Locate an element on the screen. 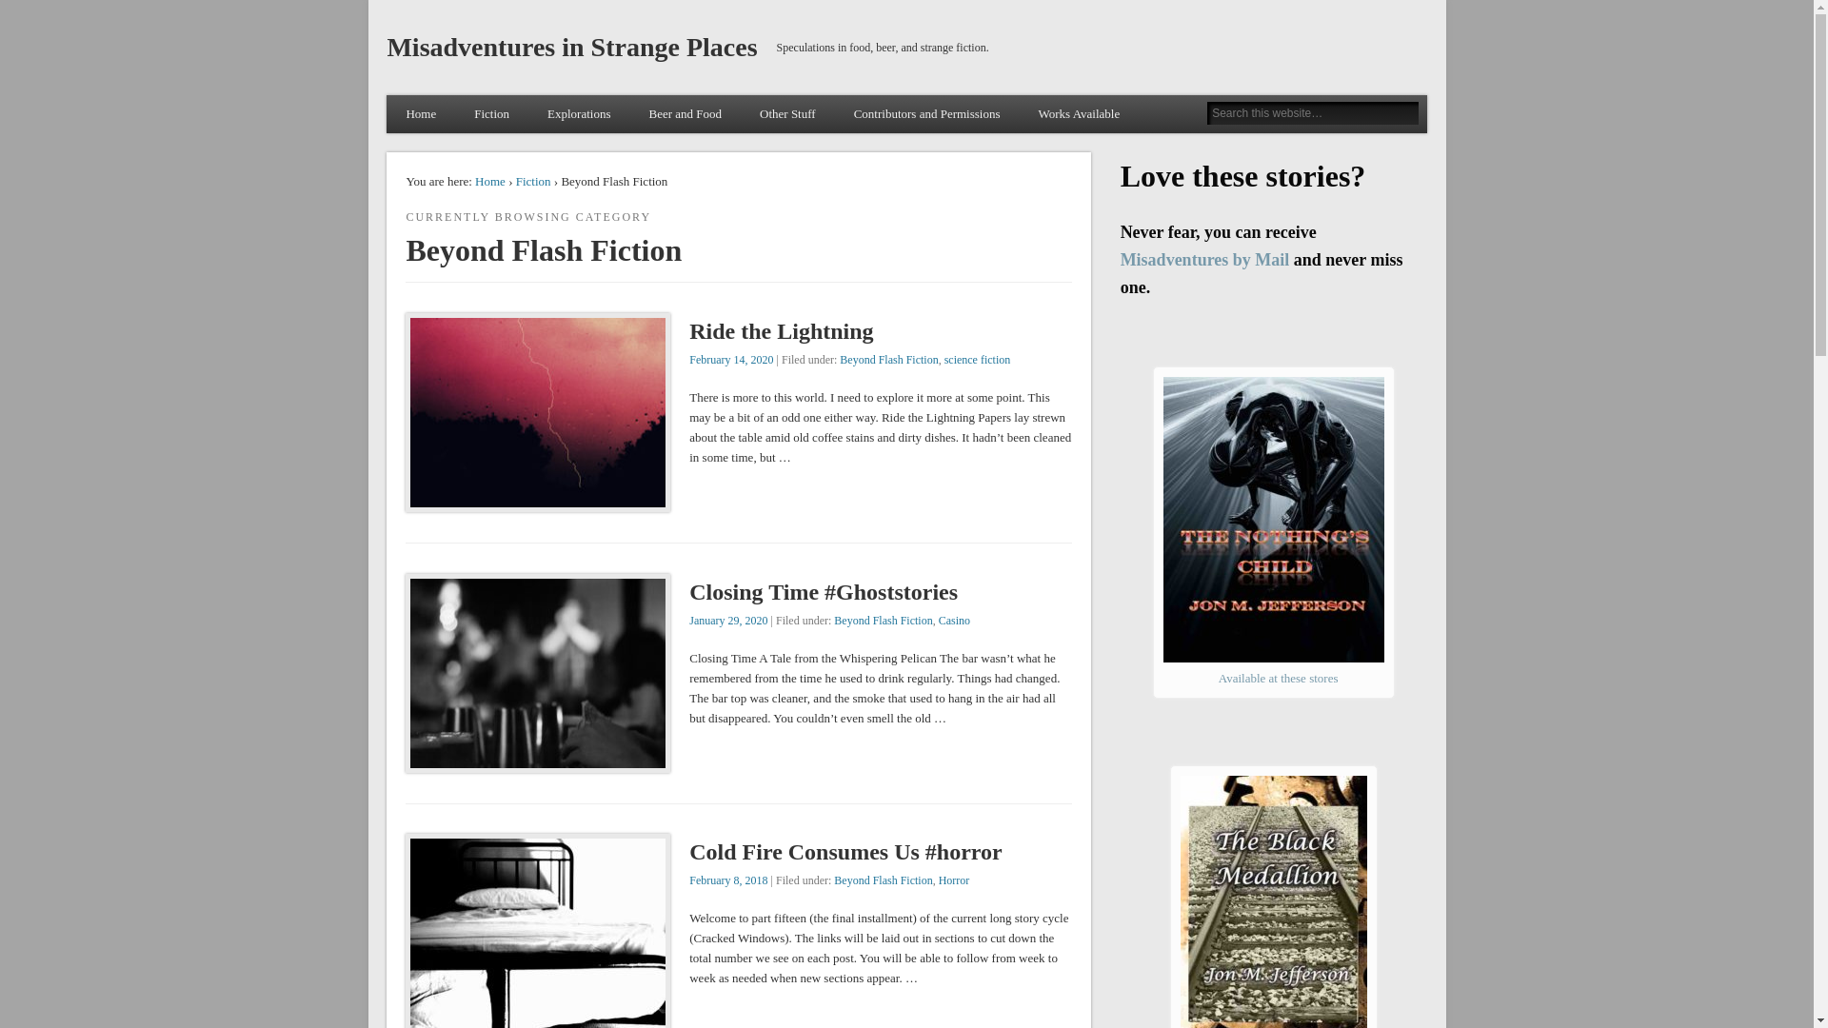 The image size is (1828, 1028). 'Horror' is located at coordinates (954, 880).